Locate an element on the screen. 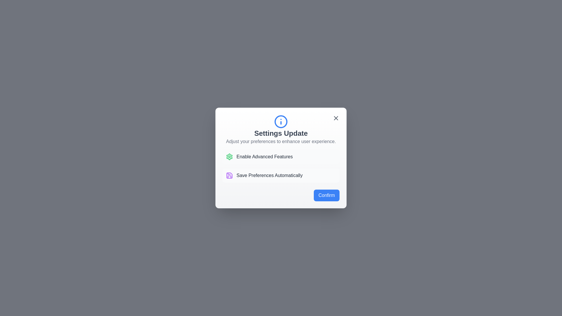  the Confirm button to close the dialog is located at coordinates (326, 195).